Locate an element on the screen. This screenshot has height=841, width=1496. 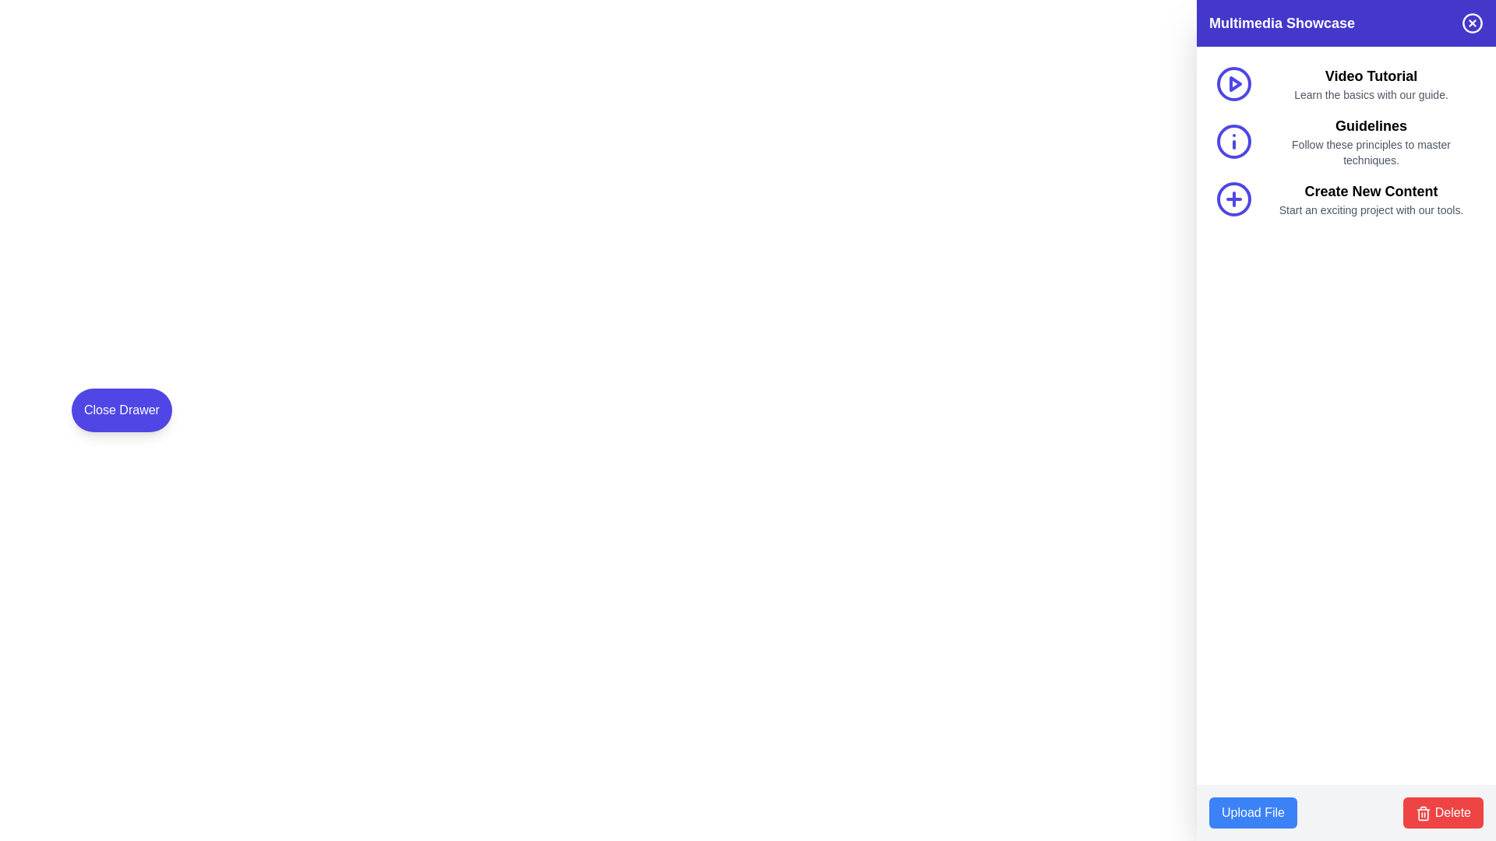
the circular play button icon, which is indigo colored and located at the top-left of the vertical layout of interactive items is located at coordinates (1233, 84).